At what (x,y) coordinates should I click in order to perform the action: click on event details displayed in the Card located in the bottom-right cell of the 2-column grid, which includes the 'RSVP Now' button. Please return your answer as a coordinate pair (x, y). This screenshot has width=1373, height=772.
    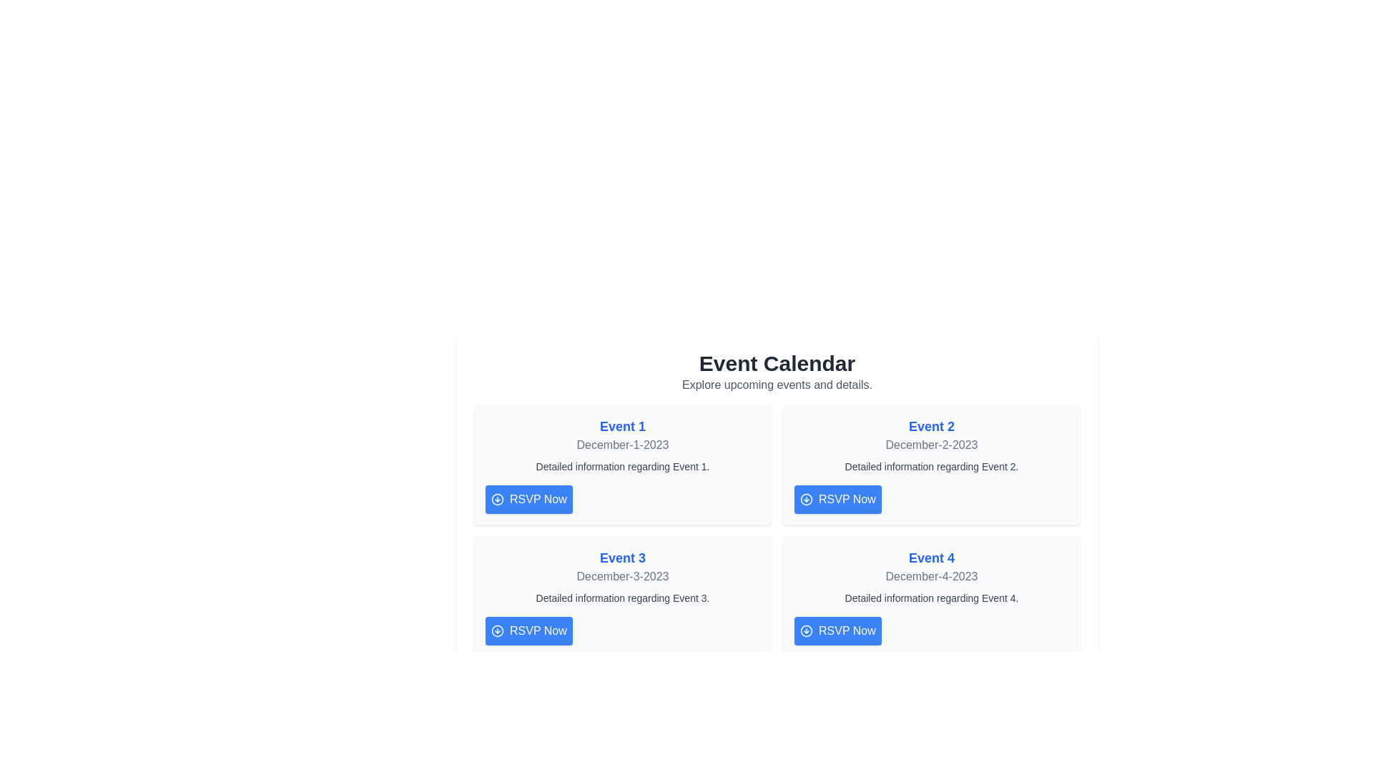
    Looking at the image, I should click on (931, 596).